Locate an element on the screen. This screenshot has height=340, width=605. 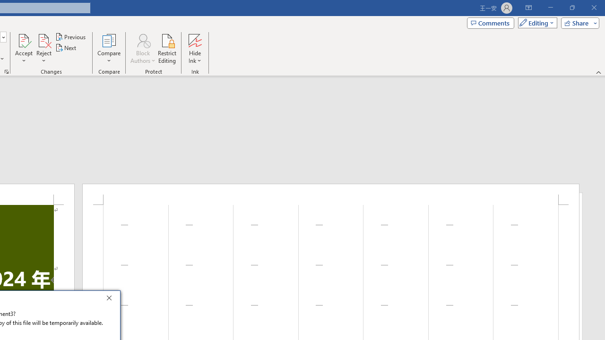
'Collapse the Ribbon' is located at coordinates (598, 72).